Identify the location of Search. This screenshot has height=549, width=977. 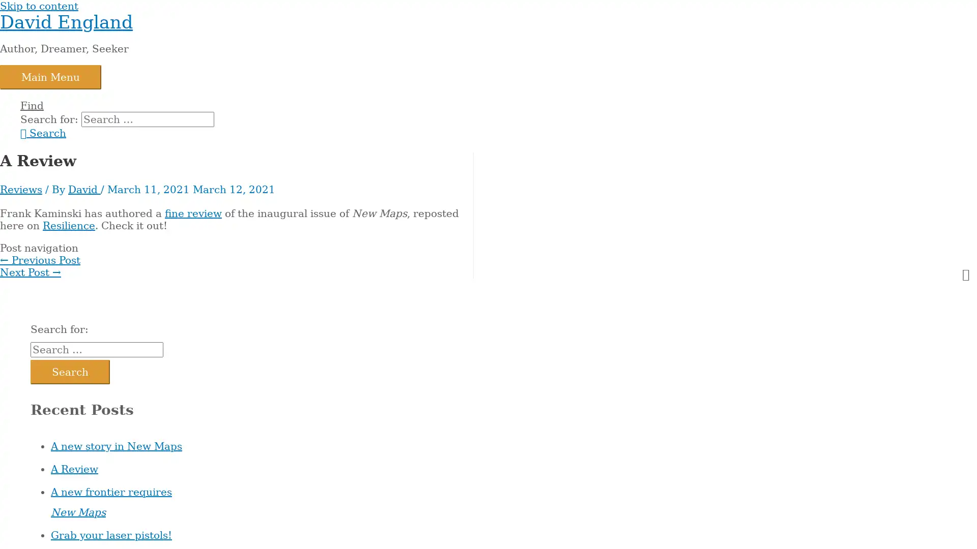
(70, 372).